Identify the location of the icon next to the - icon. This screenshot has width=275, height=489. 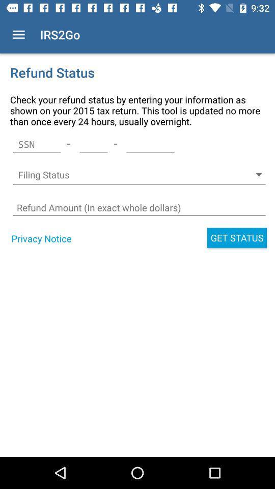
(36, 144).